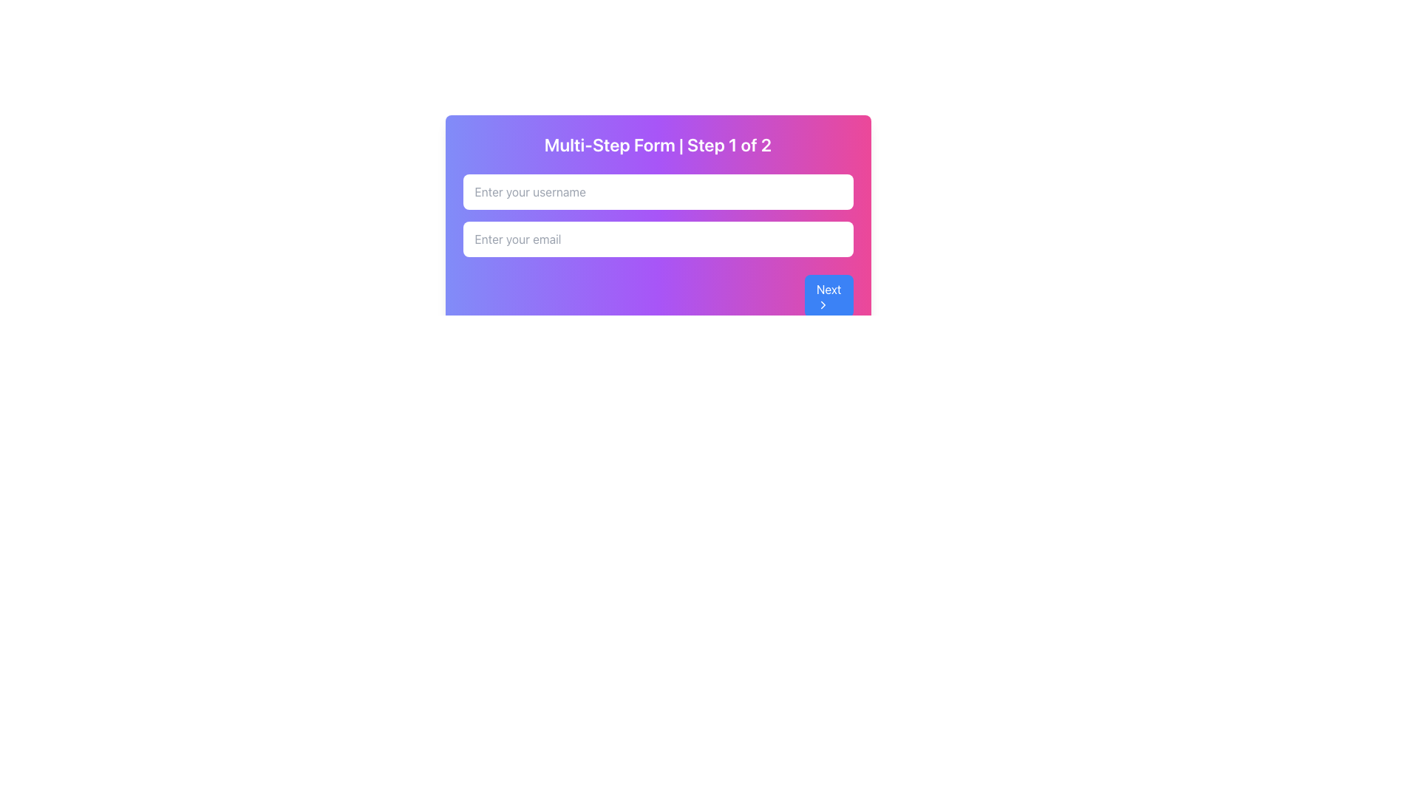  I want to click on the SVG-based icon positioned in the right portion of the blue rectangular button labeled 'Next' located at the bottom-right corner of the card, so click(822, 304).